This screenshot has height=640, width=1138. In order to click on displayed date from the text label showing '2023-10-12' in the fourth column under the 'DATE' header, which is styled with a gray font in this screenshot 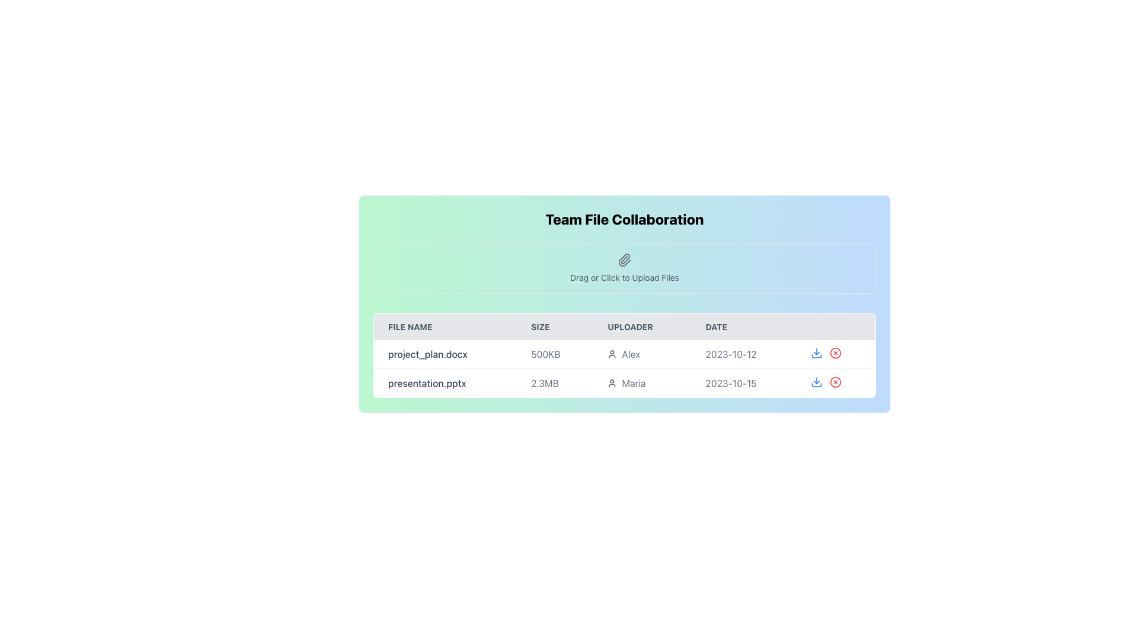, I will do `click(743, 354)`.